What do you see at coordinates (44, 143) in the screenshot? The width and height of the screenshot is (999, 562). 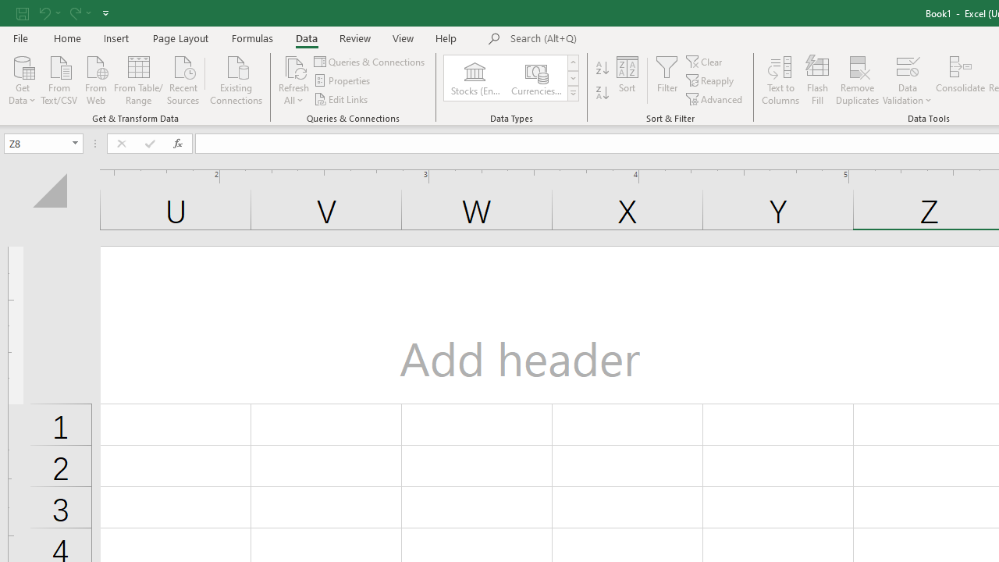 I see `'Name Box'` at bounding box center [44, 143].